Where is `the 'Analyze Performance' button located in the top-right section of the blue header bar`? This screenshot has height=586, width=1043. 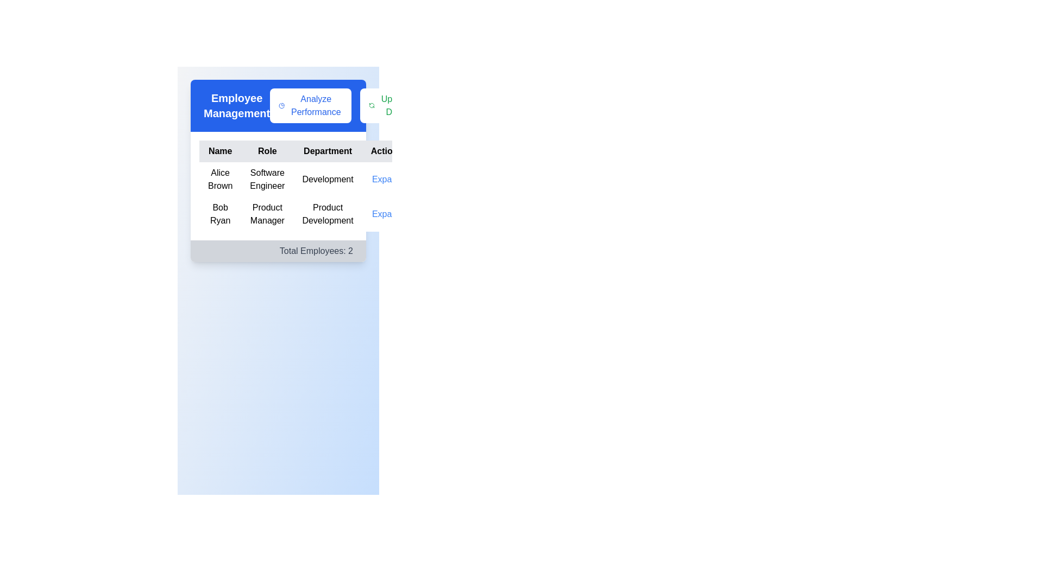
the 'Analyze Performance' button located in the top-right section of the blue header bar is located at coordinates (344, 106).